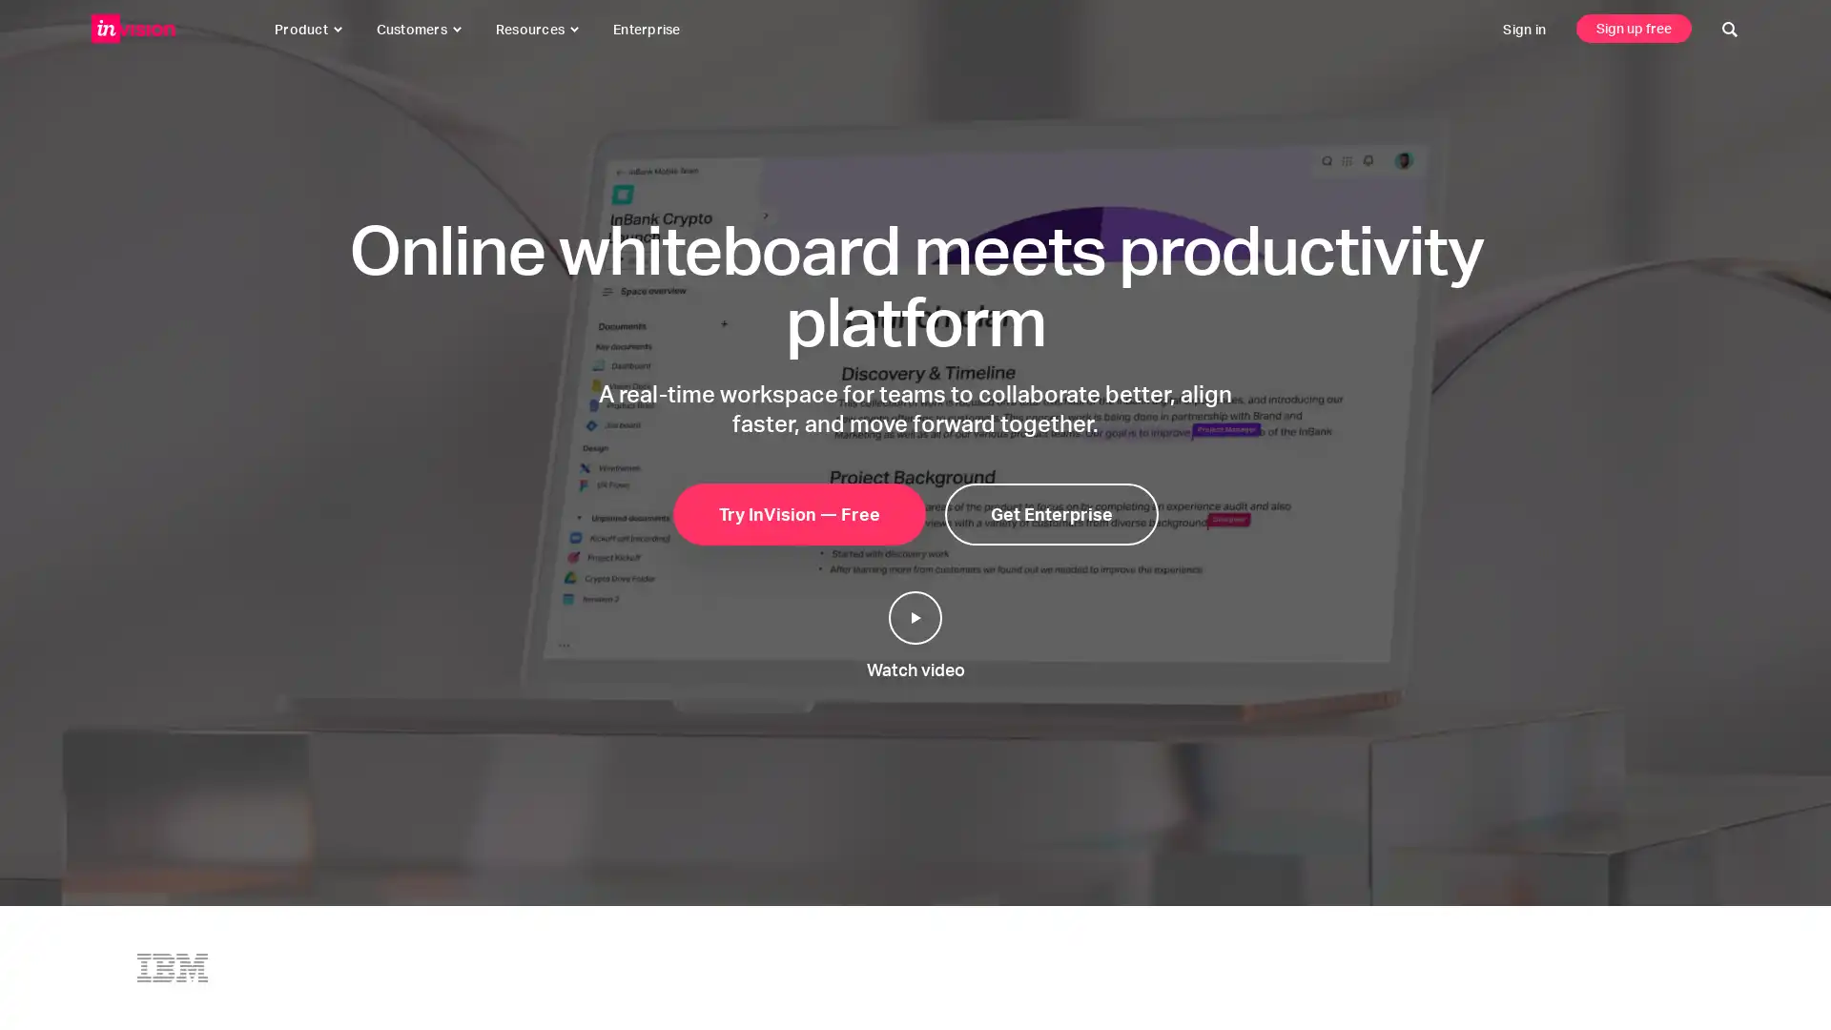 The width and height of the screenshot is (1831, 1030). What do you see at coordinates (1633, 28) in the screenshot?
I see `sign up free` at bounding box center [1633, 28].